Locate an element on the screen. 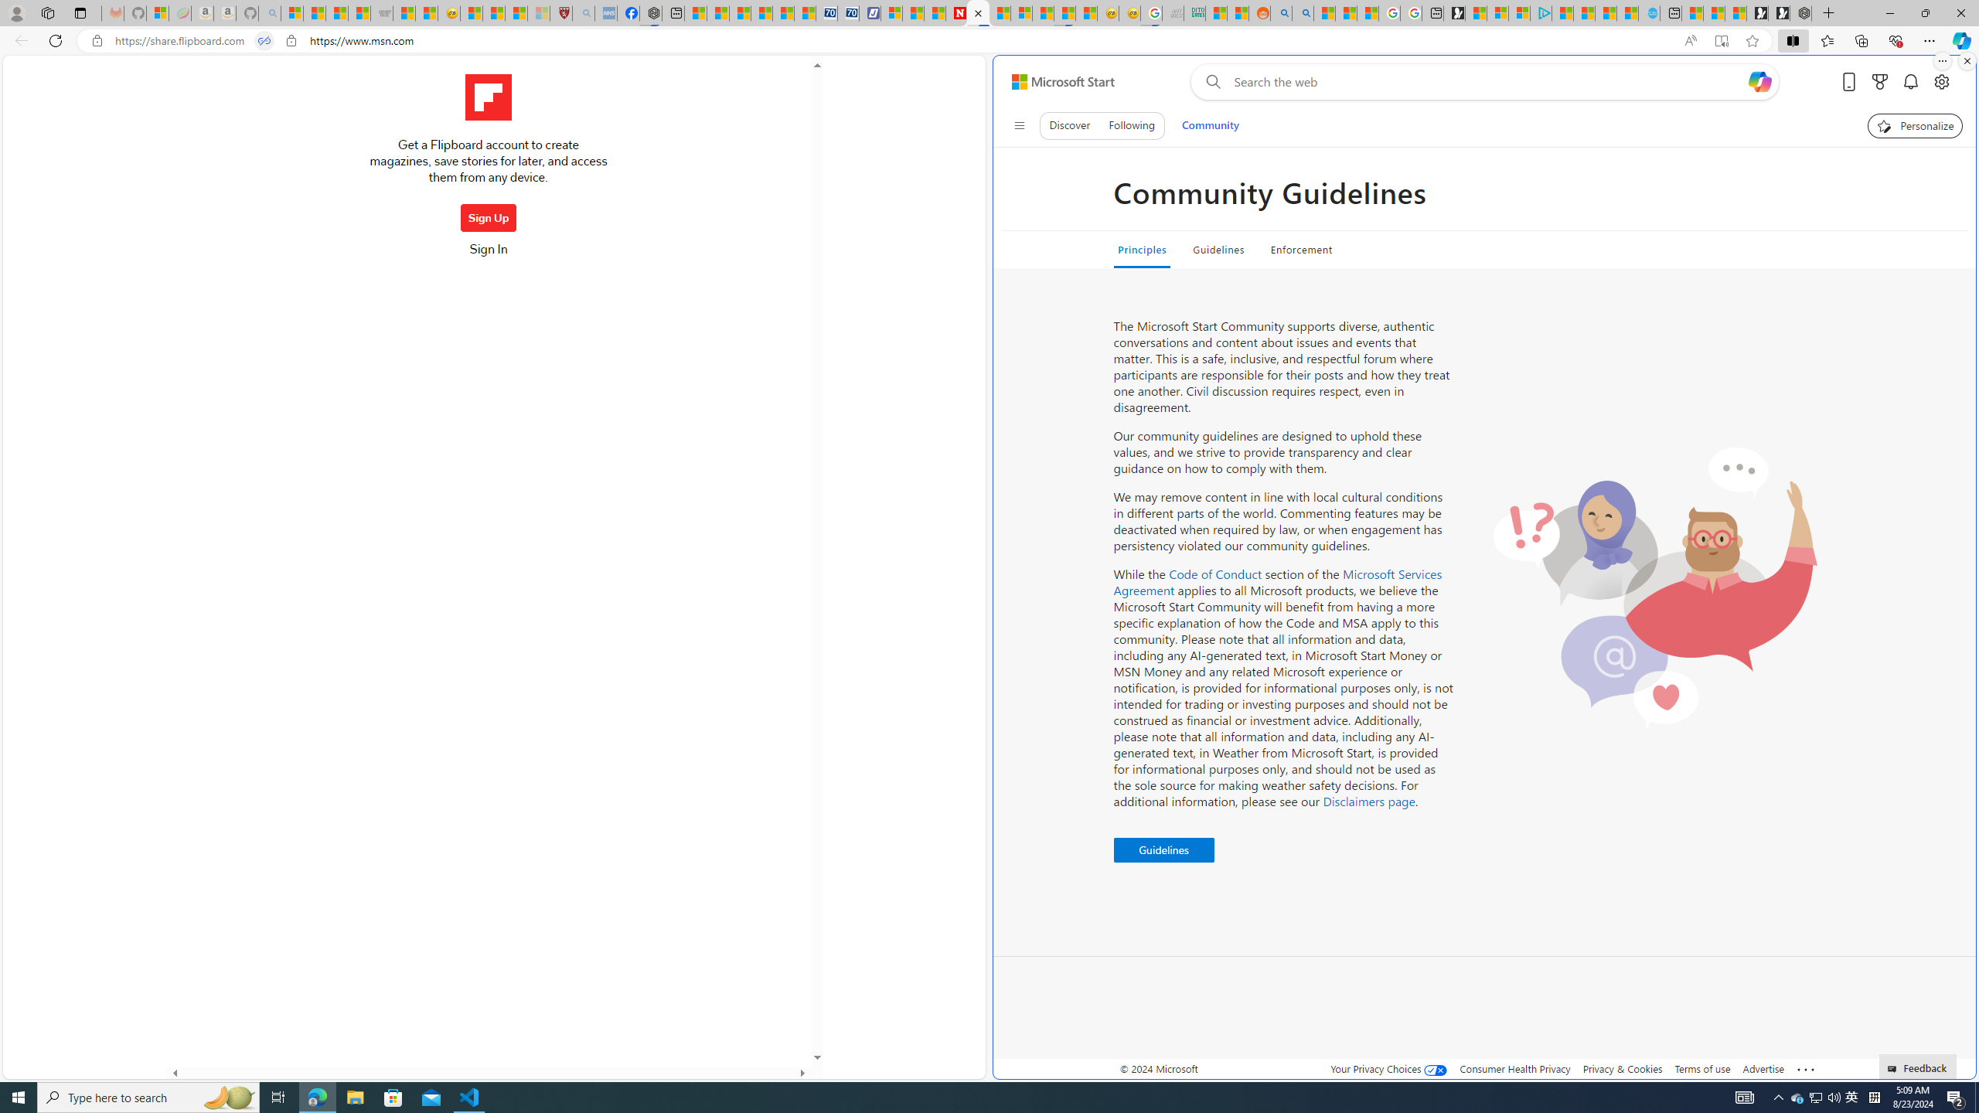 The height and width of the screenshot is (1113, 1979). 'Class: feedback_link_icon-DS-EntryPoint1-1' is located at coordinates (1894, 1068).